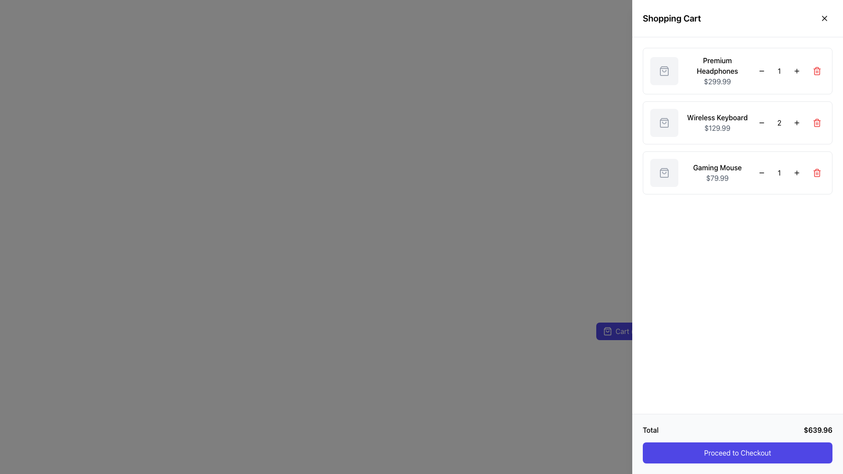  I want to click on the label displaying the current quantity of a specific item in the shopping cart, which is situated between a minus symbol on the left and a plus symbol on the right within the 'Gaming Mouse' item row, so click(779, 172).